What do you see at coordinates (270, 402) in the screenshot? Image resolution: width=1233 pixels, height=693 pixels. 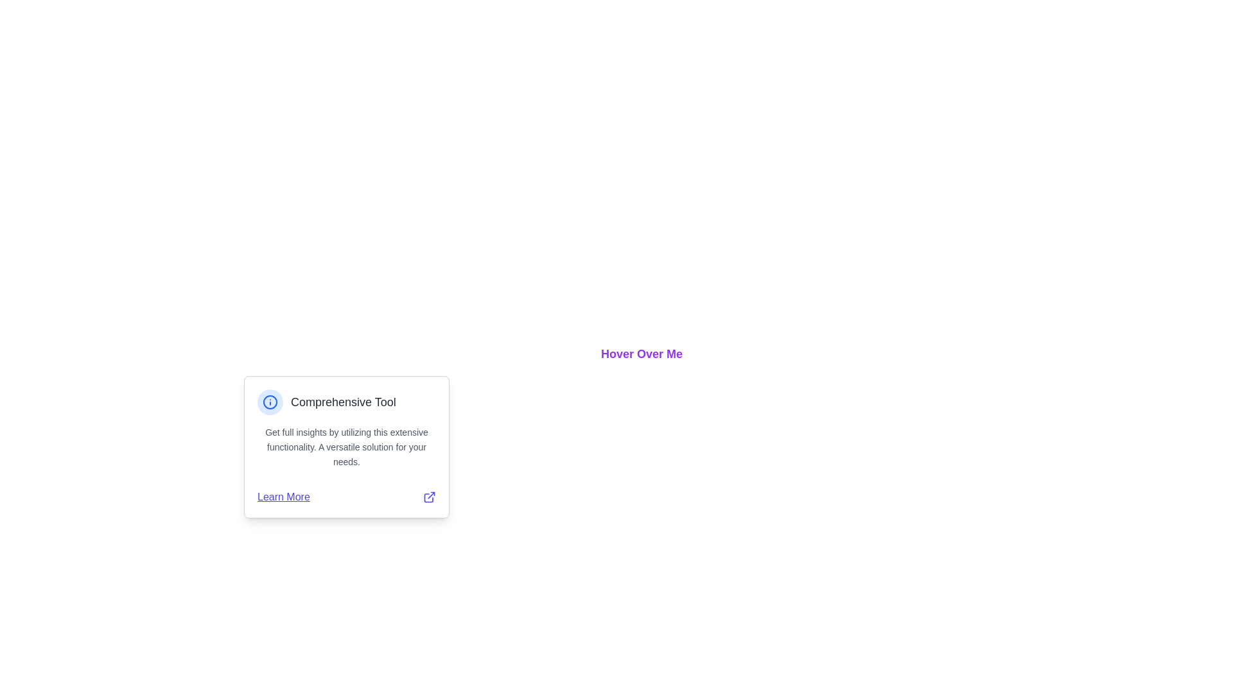 I see `the informational icon located in the upper left corner of the 'Comprehensive Tool' card, positioned directly above the title text` at bounding box center [270, 402].